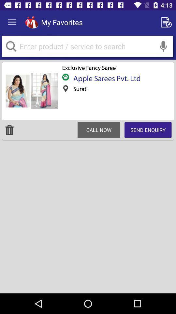 Image resolution: width=176 pixels, height=314 pixels. I want to click on the item to the right of call now icon, so click(148, 130).